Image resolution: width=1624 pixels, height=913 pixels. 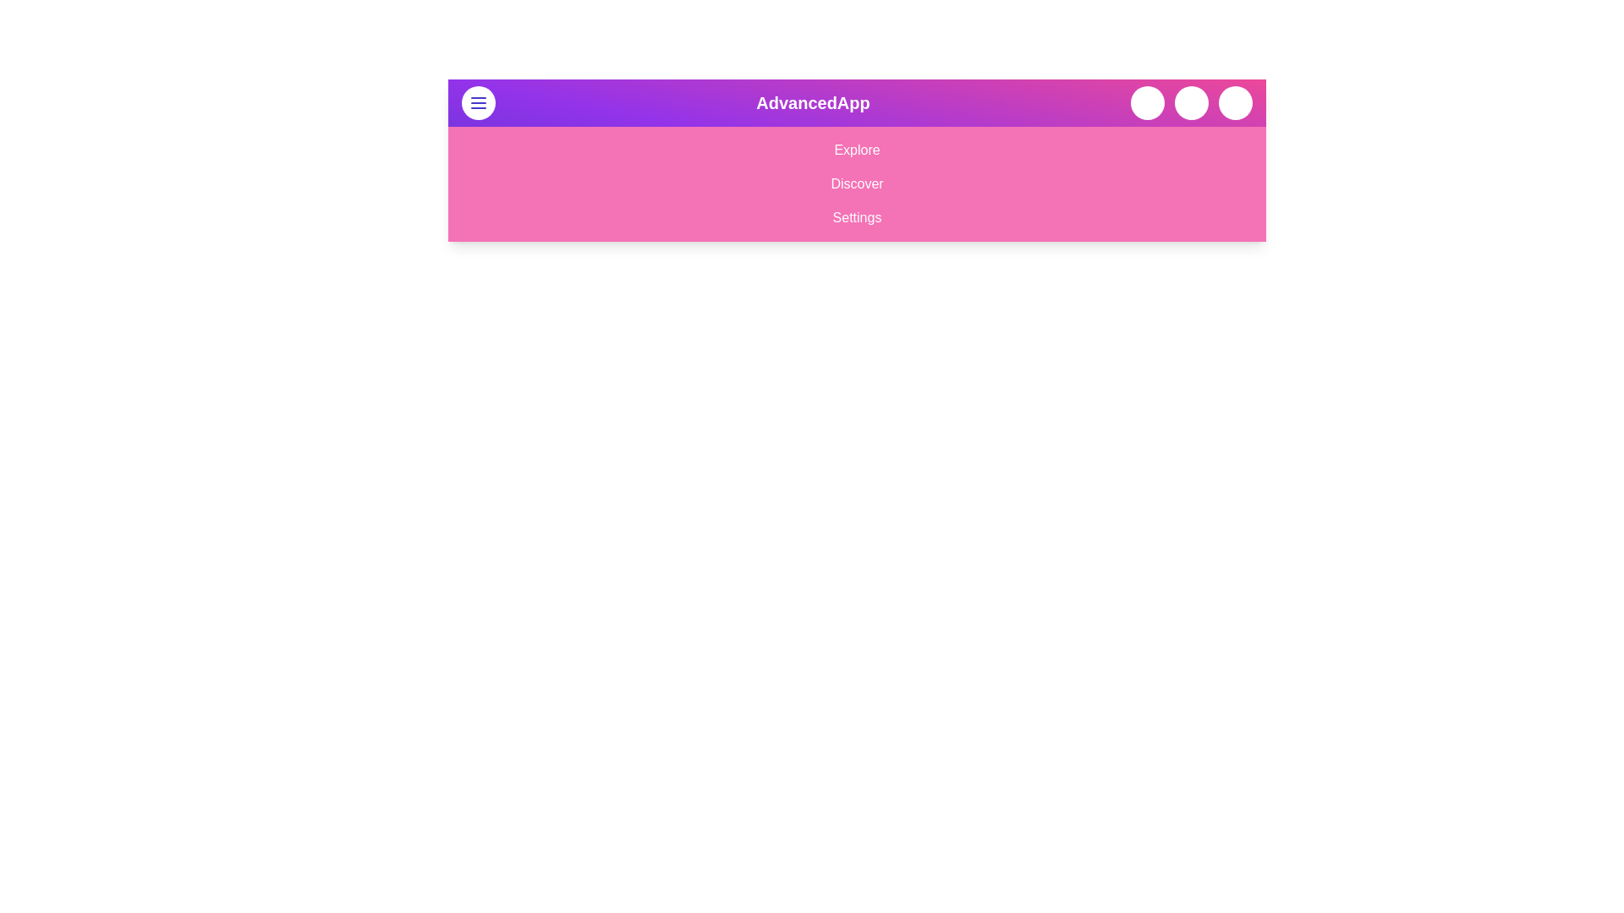 I want to click on the menu option Discover, so click(x=857, y=184).